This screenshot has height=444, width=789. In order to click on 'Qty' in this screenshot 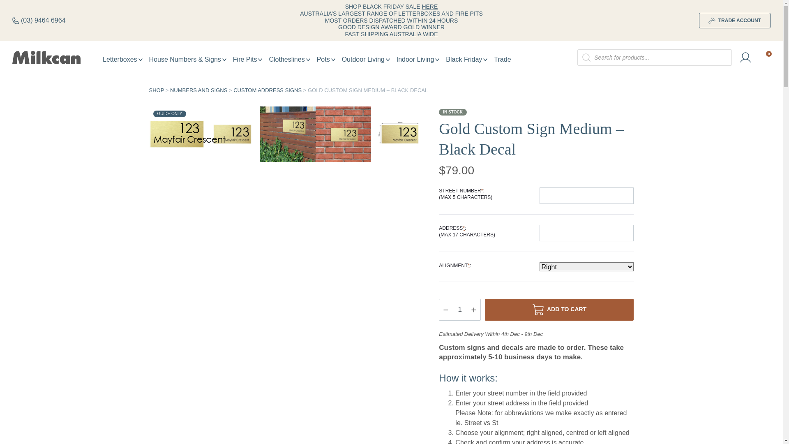, I will do `click(459, 310)`.